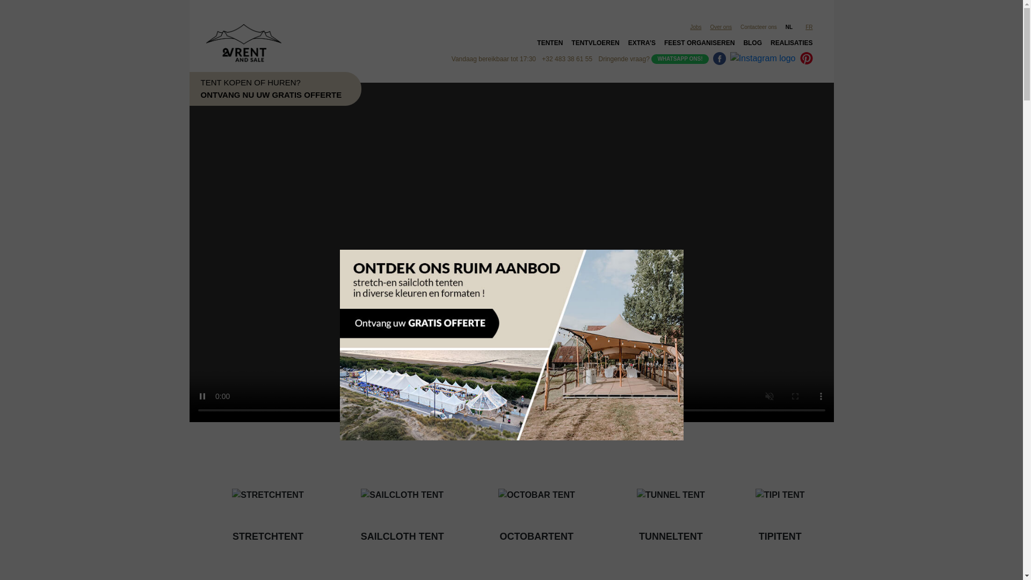 This screenshot has height=580, width=1031. I want to click on '+32 483 38 61 55', so click(567, 59).